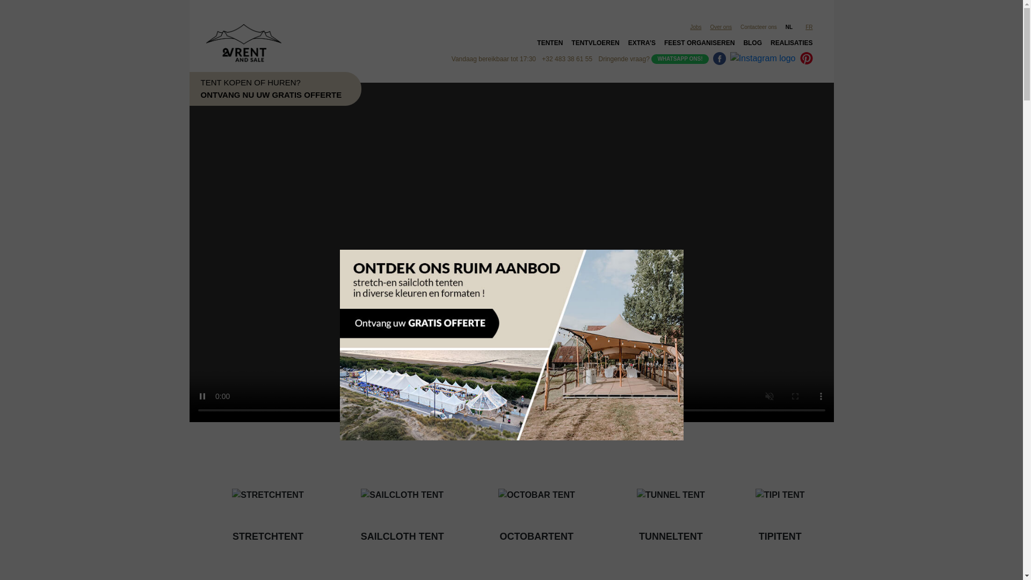 This screenshot has height=580, width=1031. I want to click on '+32 483 38 61 55', so click(567, 59).